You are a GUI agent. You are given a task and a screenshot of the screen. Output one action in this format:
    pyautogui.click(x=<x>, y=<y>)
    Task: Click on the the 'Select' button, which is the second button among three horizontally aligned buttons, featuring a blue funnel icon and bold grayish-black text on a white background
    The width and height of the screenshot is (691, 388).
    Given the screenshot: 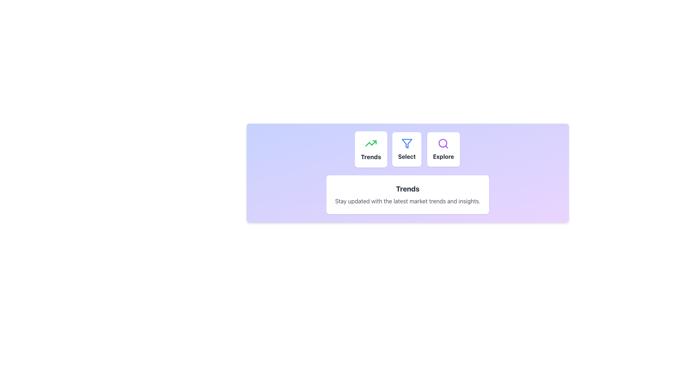 What is the action you would take?
    pyautogui.click(x=407, y=149)
    